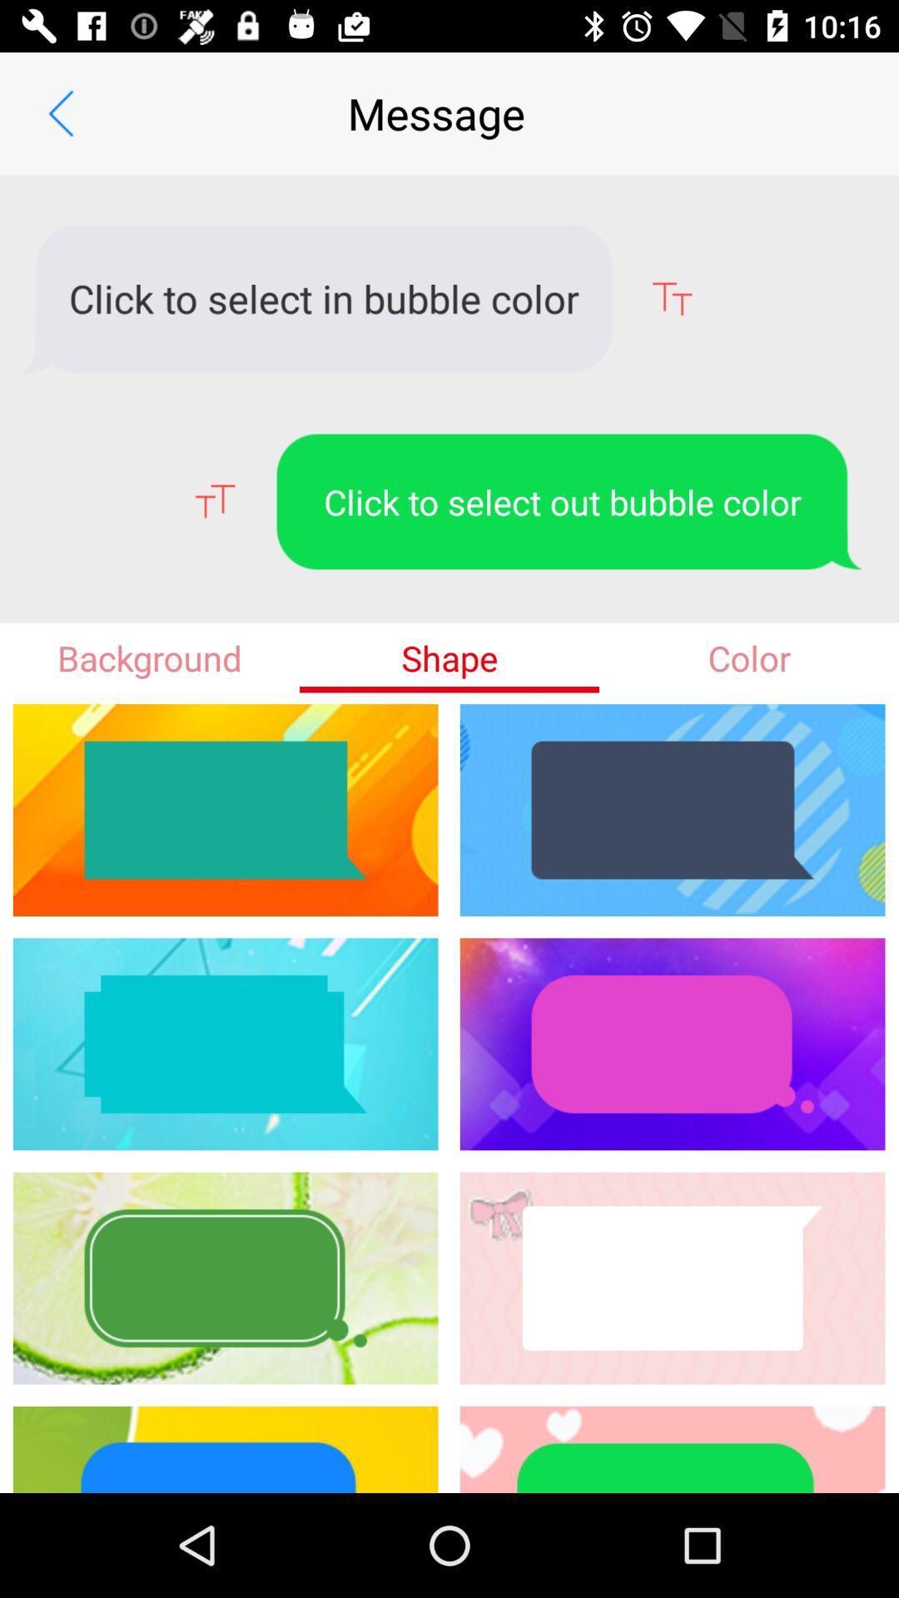 This screenshot has width=899, height=1598. I want to click on icon above the click to select item, so click(60, 112).